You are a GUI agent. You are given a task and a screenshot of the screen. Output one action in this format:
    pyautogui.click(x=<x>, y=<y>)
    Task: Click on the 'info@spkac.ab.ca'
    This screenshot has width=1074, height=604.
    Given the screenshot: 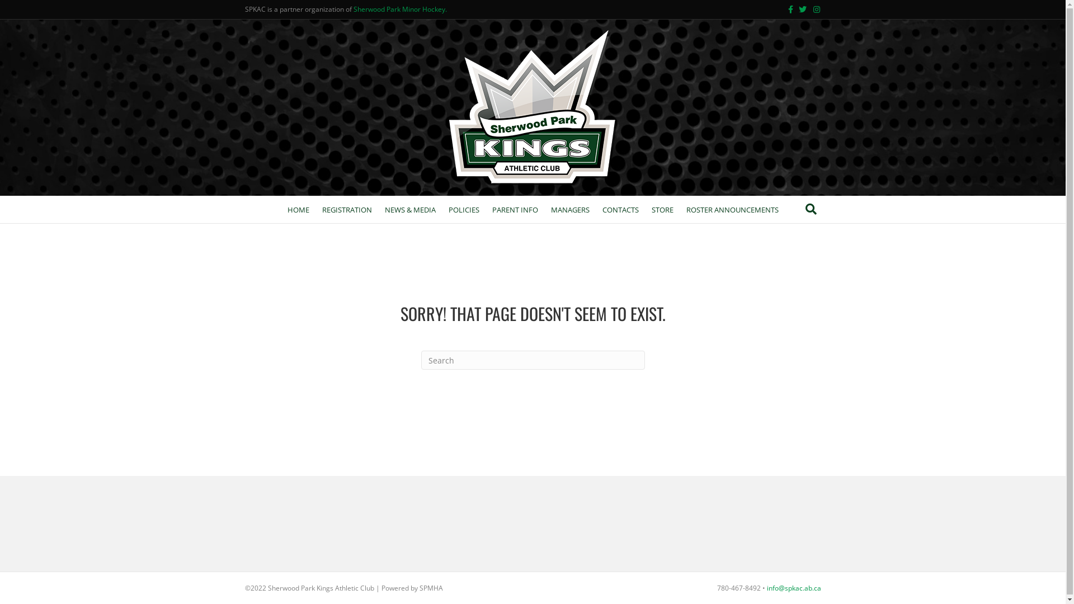 What is the action you would take?
    pyautogui.click(x=765, y=587)
    